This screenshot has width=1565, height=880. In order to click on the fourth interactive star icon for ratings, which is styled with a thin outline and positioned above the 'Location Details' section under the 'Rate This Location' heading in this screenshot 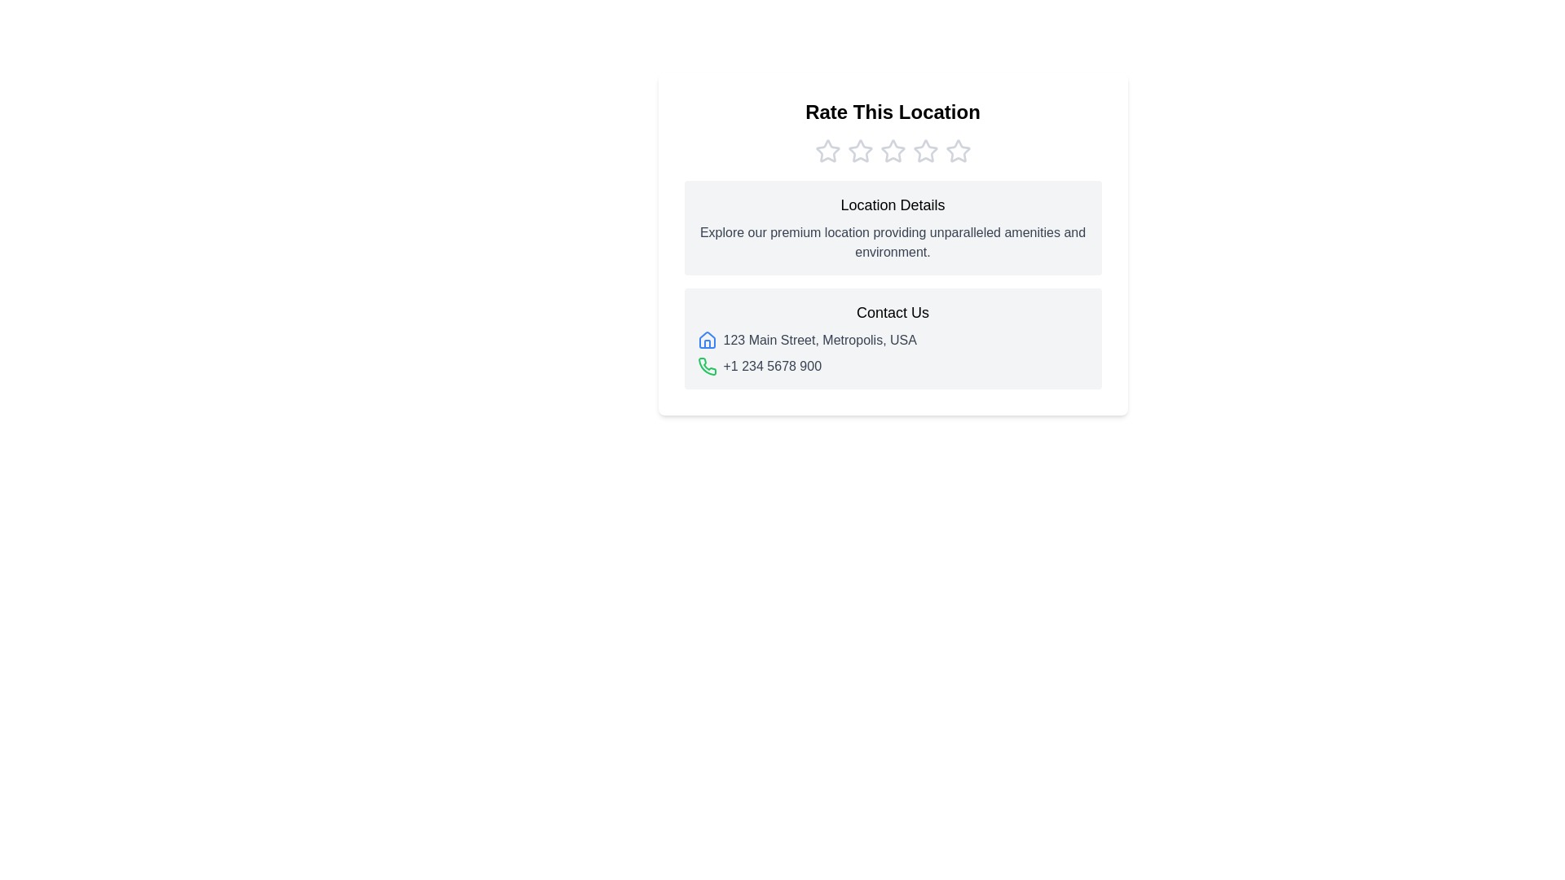, I will do `click(925, 151)`.